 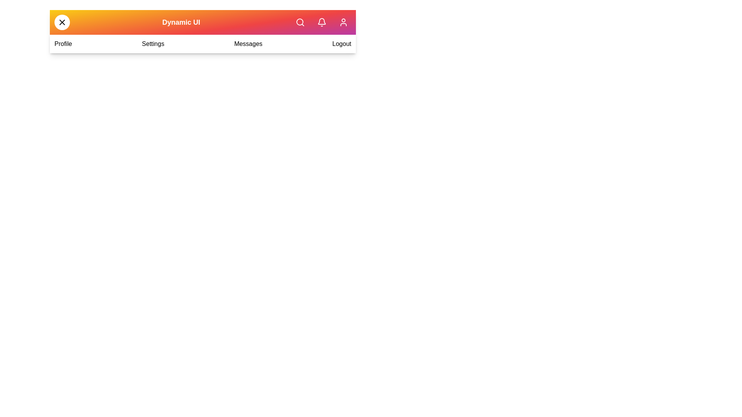 I want to click on the notifications button, so click(x=321, y=22).